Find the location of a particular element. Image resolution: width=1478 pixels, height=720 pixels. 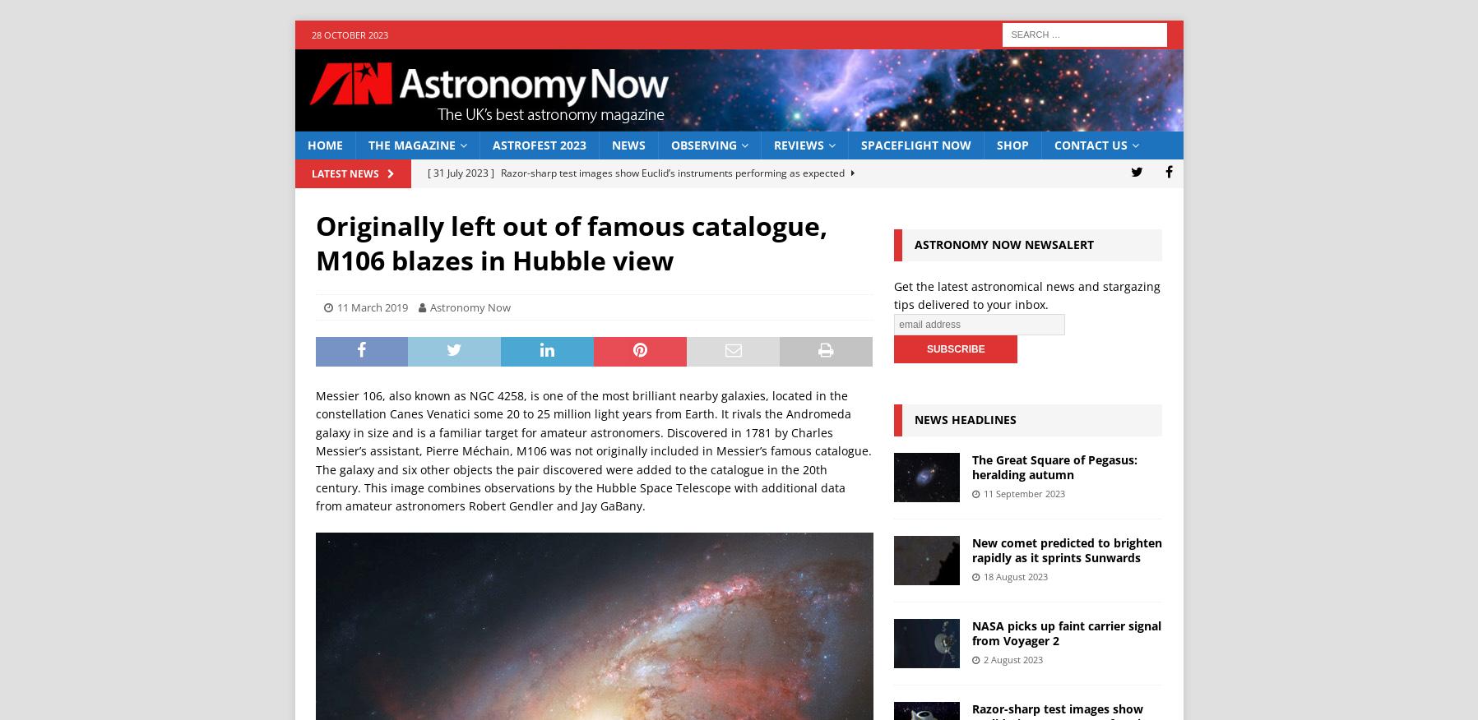

'28 October 2023' is located at coordinates (348, 34).